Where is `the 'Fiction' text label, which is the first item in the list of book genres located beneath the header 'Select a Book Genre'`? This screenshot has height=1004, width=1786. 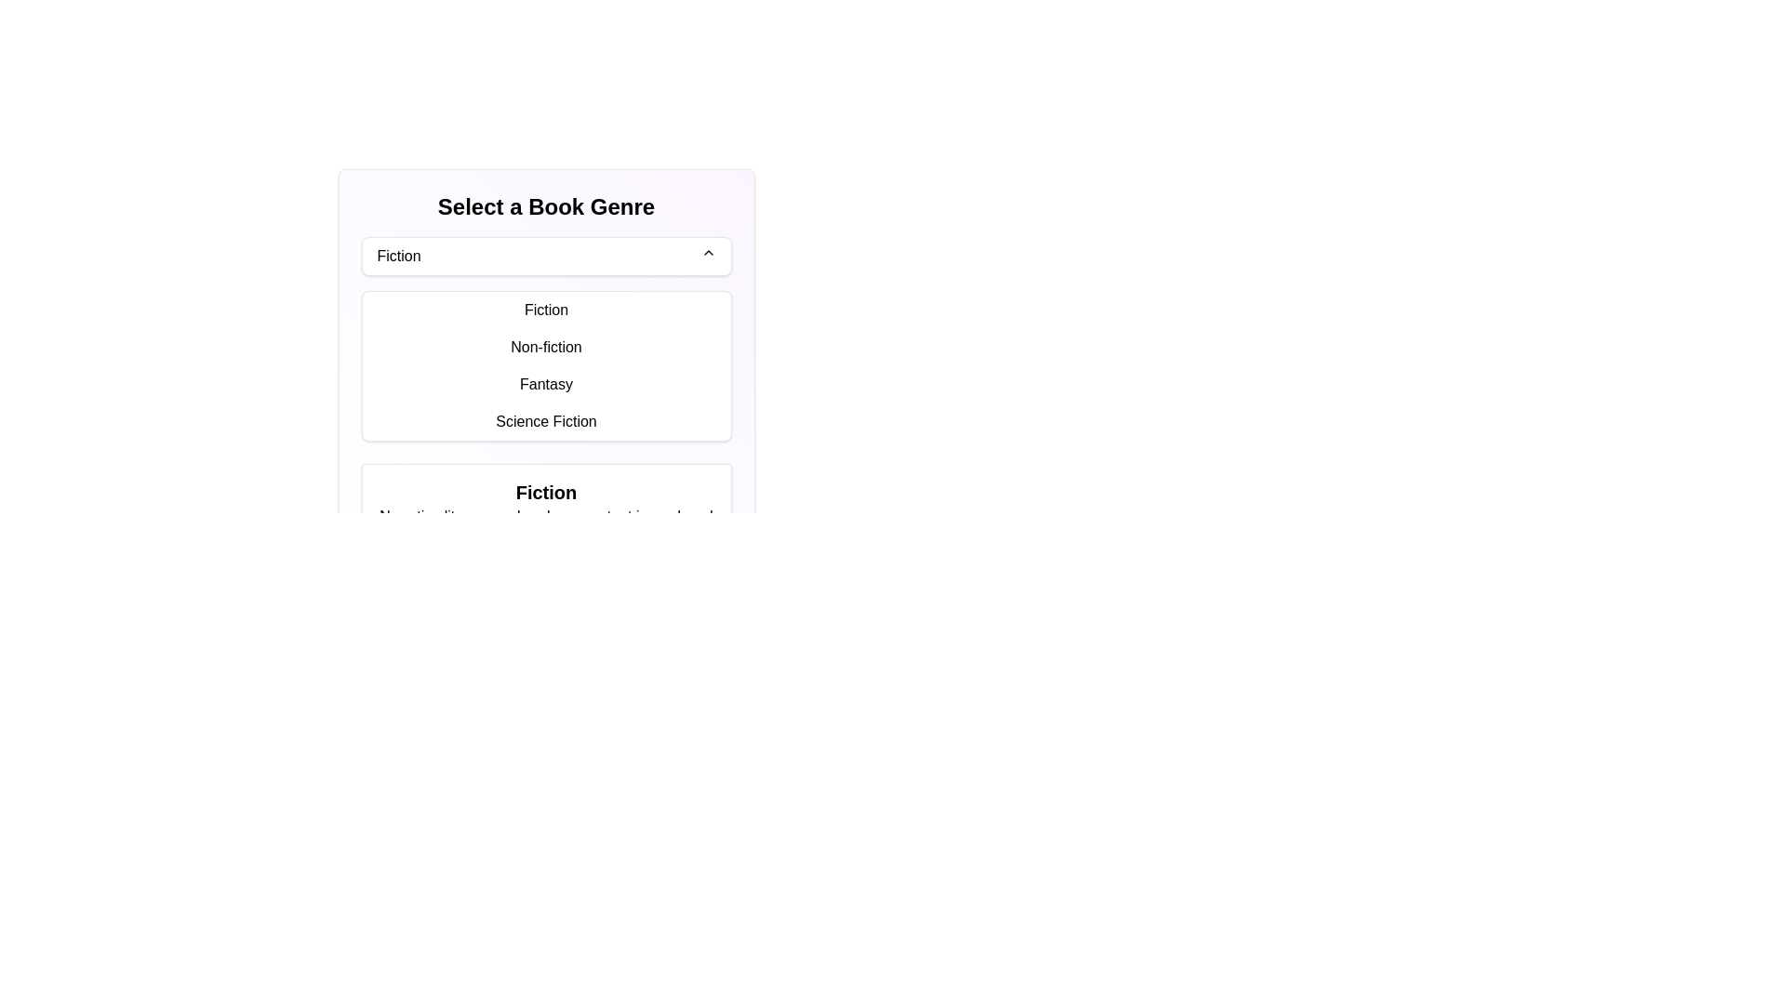
the 'Fiction' text label, which is the first item in the list of book genres located beneath the header 'Select a Book Genre' is located at coordinates (545, 310).